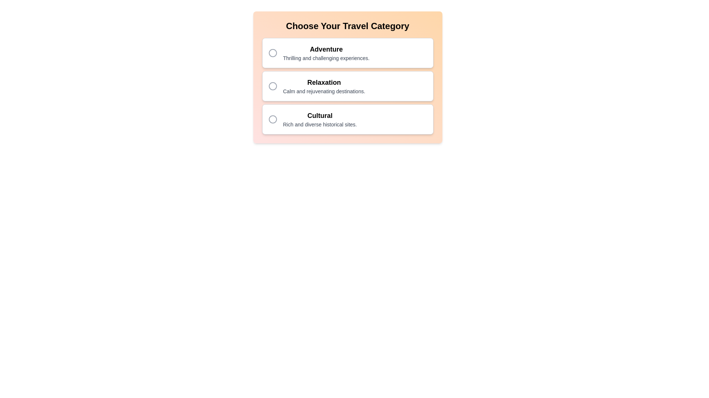 The image size is (709, 398). Describe the element at coordinates (324, 86) in the screenshot. I see `the descriptive text component` at that location.